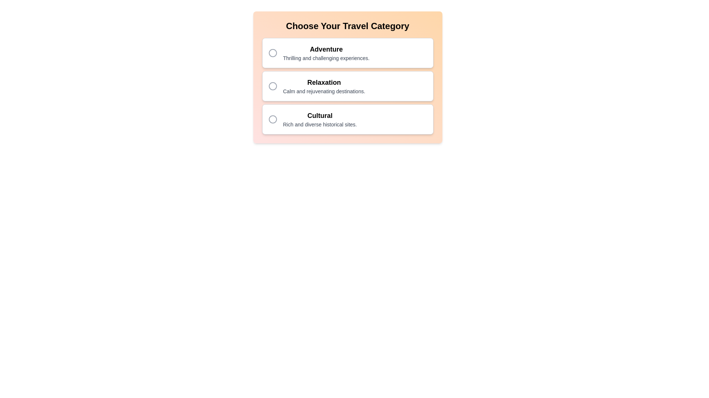 The image size is (709, 398). Describe the element at coordinates (324, 86) in the screenshot. I see `the descriptive text component` at that location.